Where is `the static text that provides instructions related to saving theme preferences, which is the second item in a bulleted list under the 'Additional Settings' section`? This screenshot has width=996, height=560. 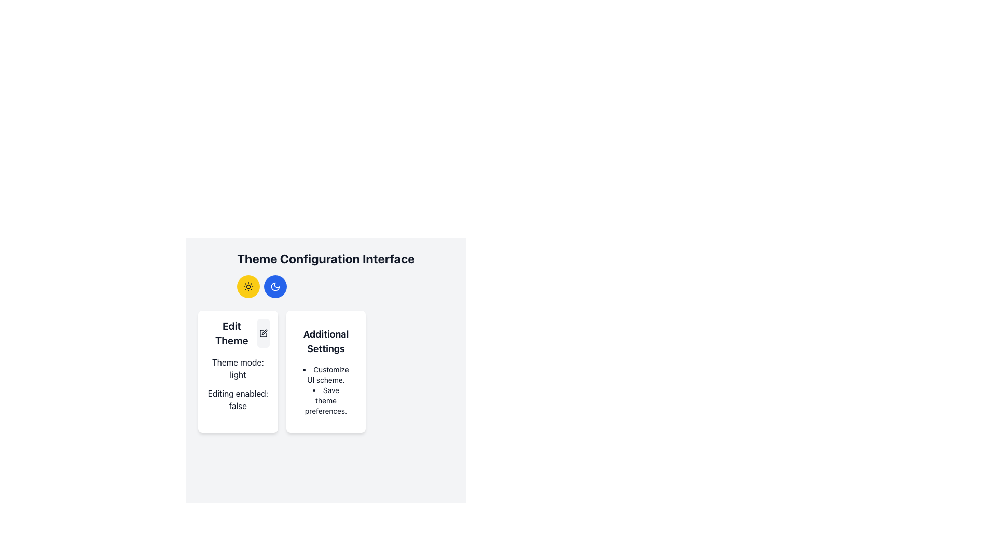
the static text that provides instructions related to saving theme preferences, which is the second item in a bulleted list under the 'Additional Settings' section is located at coordinates (325, 400).